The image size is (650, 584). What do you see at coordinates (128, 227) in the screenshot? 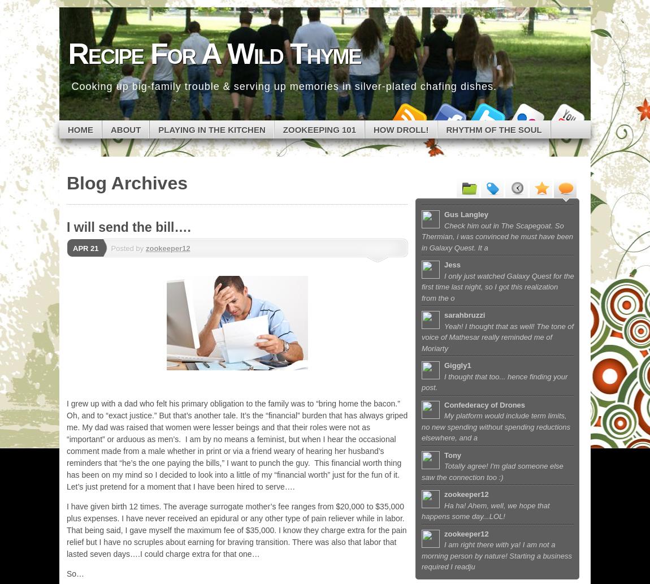
I see `'I will send the bill….'` at bounding box center [128, 227].